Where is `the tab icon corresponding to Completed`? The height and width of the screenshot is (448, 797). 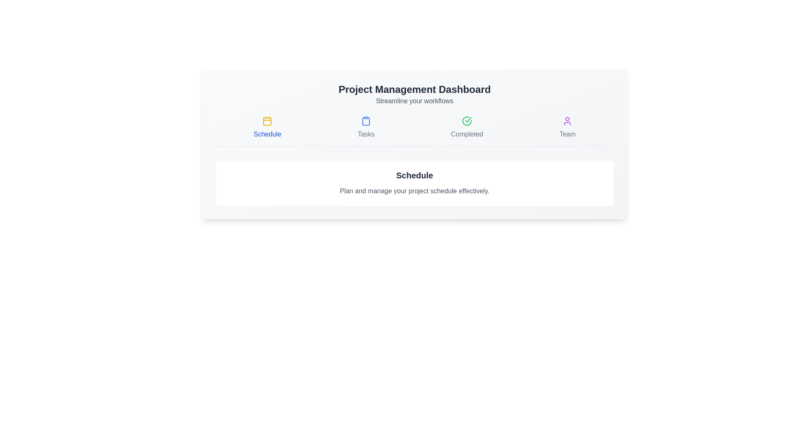
the tab icon corresponding to Completed is located at coordinates (467, 128).